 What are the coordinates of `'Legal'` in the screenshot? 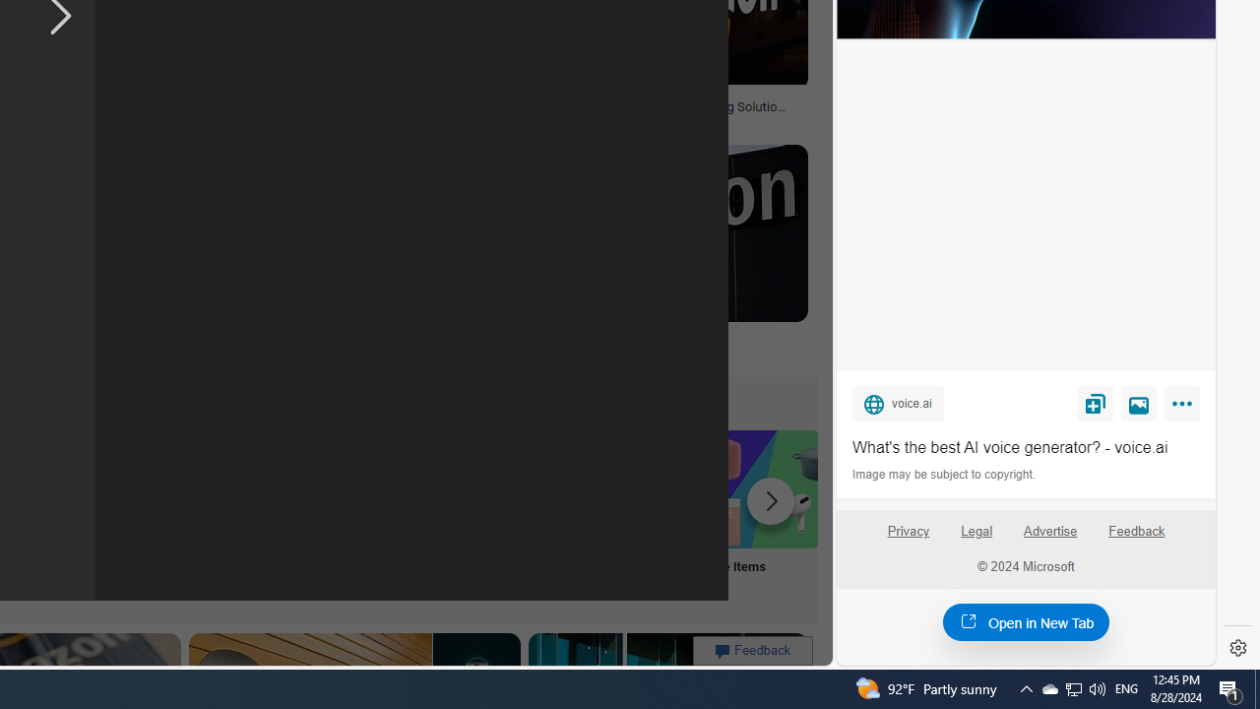 It's located at (976, 539).